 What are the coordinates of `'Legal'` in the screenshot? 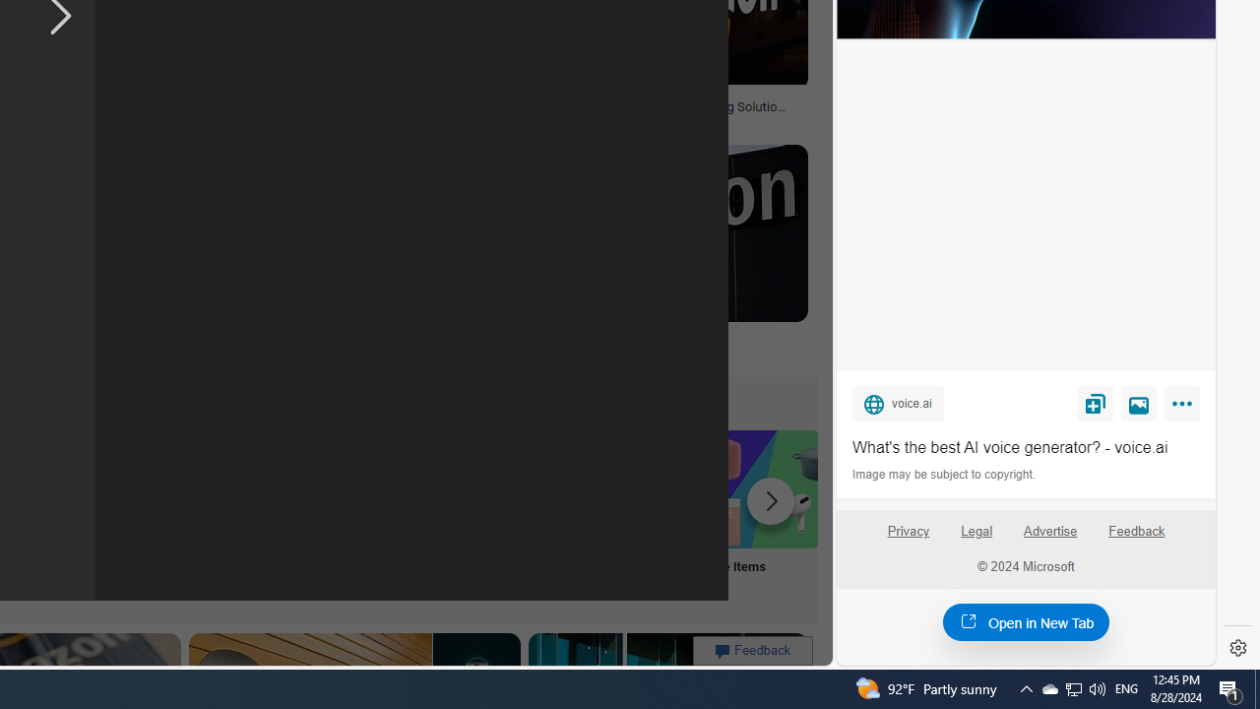 It's located at (976, 539).